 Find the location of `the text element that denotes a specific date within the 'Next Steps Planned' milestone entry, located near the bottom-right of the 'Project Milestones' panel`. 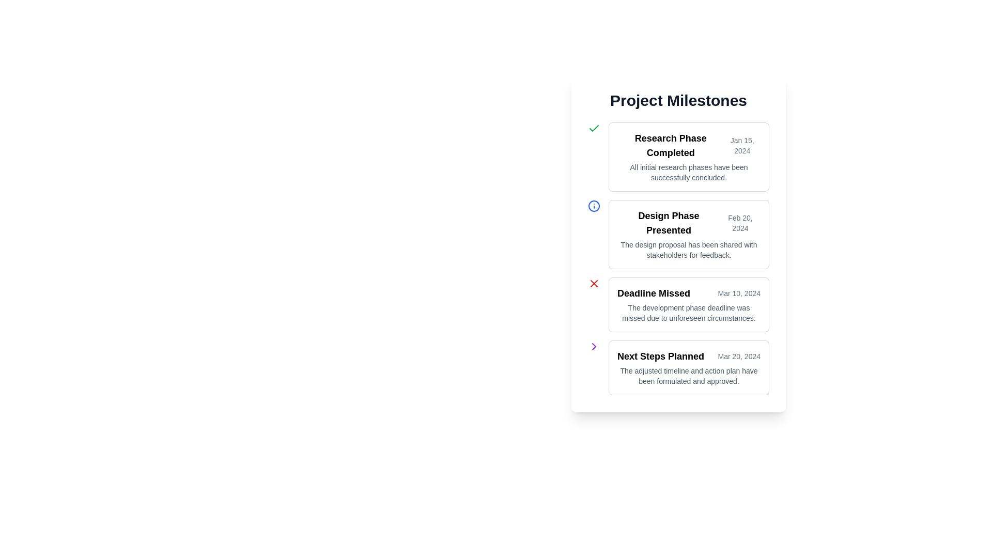

the text element that denotes a specific date within the 'Next Steps Planned' milestone entry, located near the bottom-right of the 'Project Milestones' panel is located at coordinates (738, 356).